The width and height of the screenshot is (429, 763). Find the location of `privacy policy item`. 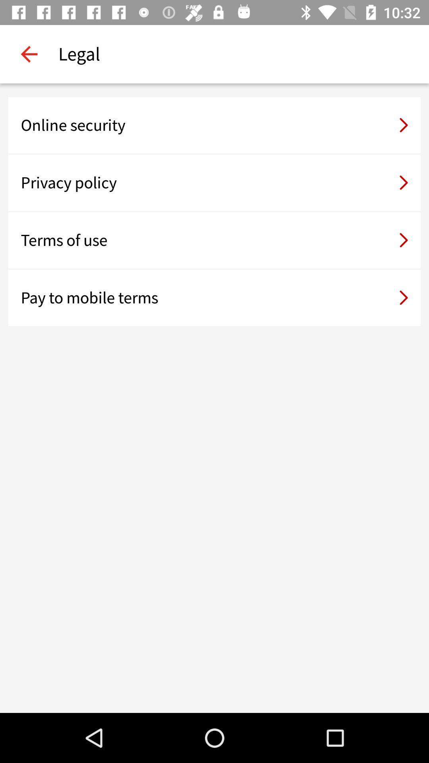

privacy policy item is located at coordinates (214, 182).